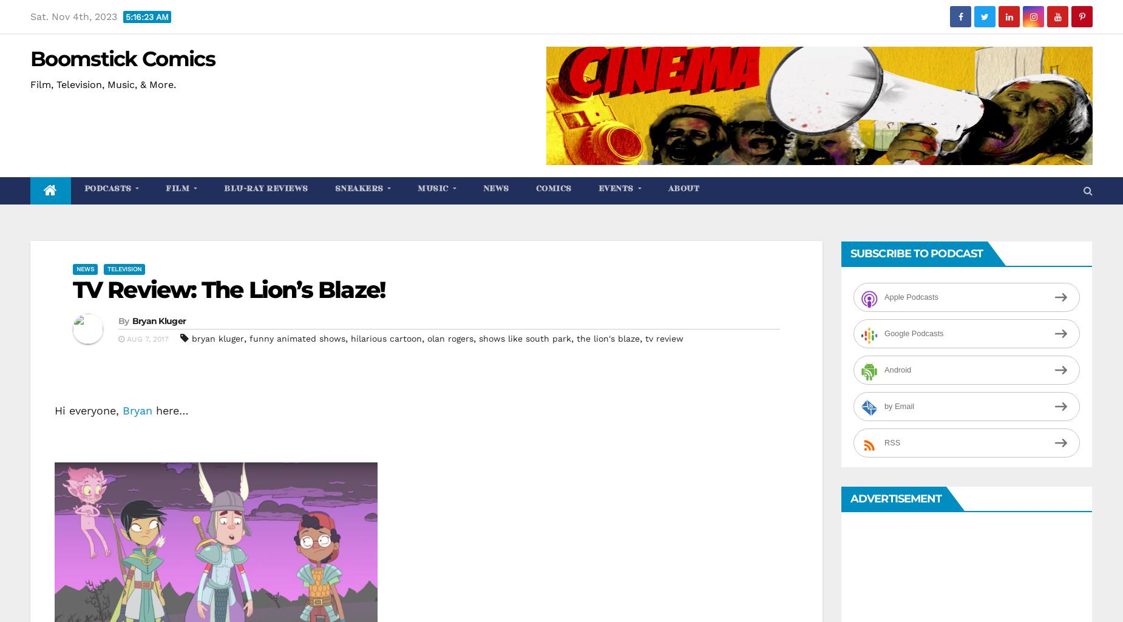 This screenshot has height=622, width=1123. What do you see at coordinates (265, 188) in the screenshot?
I see `'Blu-ray Reviews'` at bounding box center [265, 188].